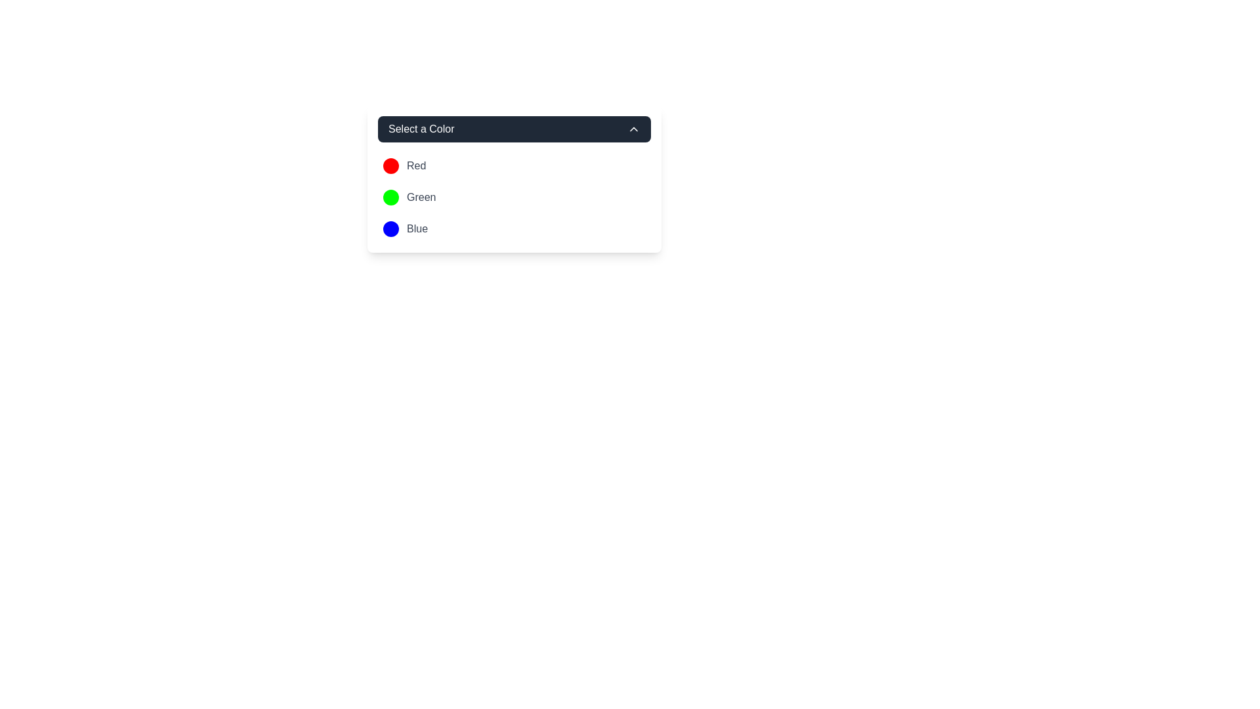 The image size is (1260, 709). What do you see at coordinates (633, 129) in the screenshot?
I see `the chevron icon located on the right end of the dropdown header next to the text 'Select a Color' for potential visual feedback` at bounding box center [633, 129].